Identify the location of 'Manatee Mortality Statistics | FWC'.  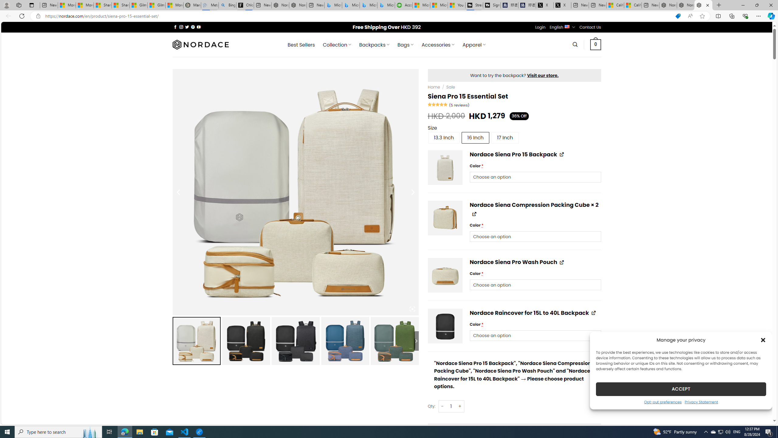
(192, 5).